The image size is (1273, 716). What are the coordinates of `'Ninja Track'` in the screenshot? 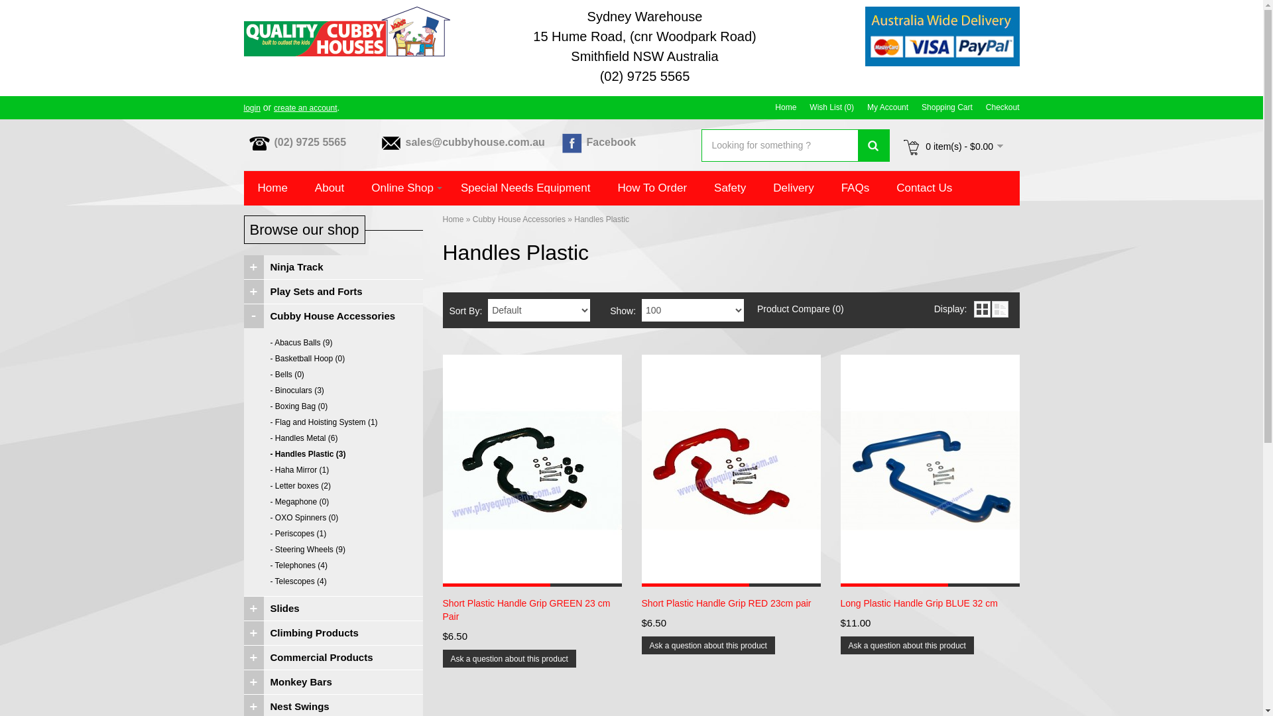 It's located at (333, 267).